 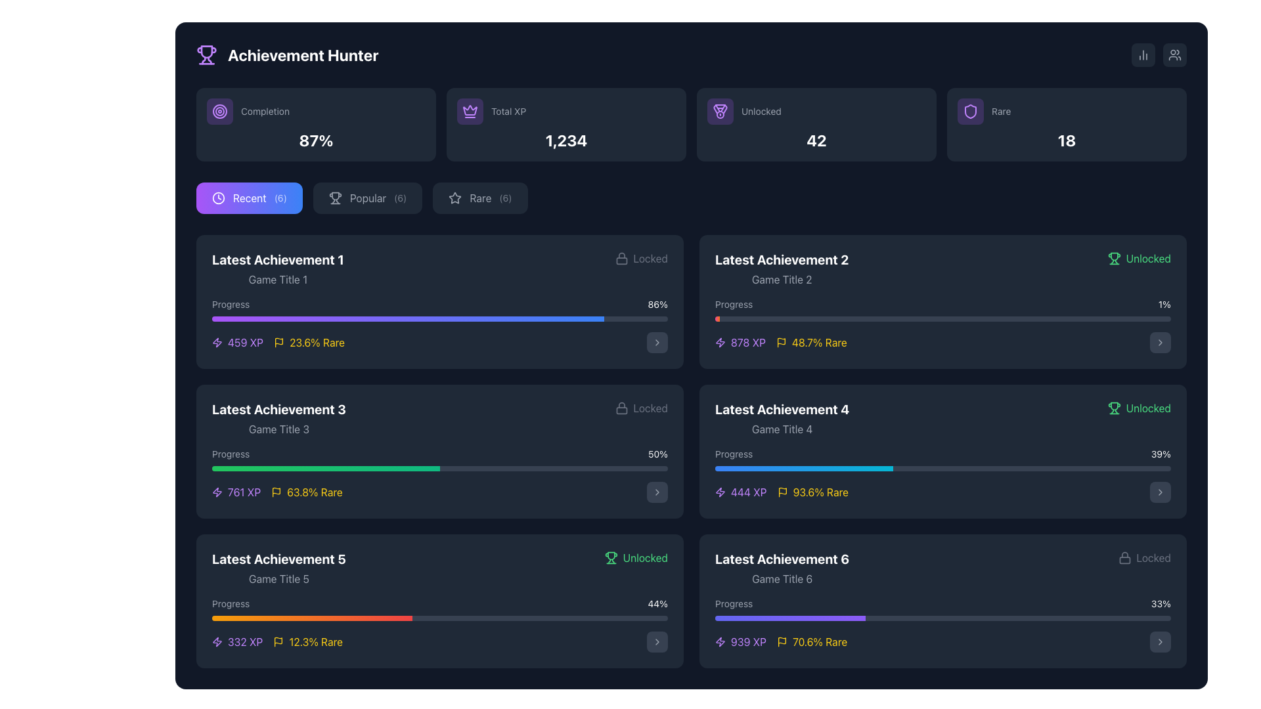 What do you see at coordinates (942, 458) in the screenshot?
I see `percentage value displayed on the horizontal progress bar labeled 'Progress', which shows 39% completion, located in the 'Latest Achievement 4' card` at bounding box center [942, 458].